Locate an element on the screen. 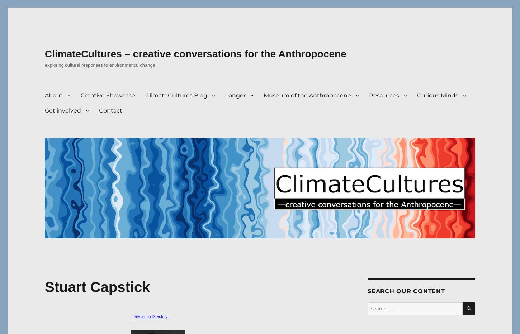 This screenshot has width=520, height=334. 'Longer' is located at coordinates (235, 95).